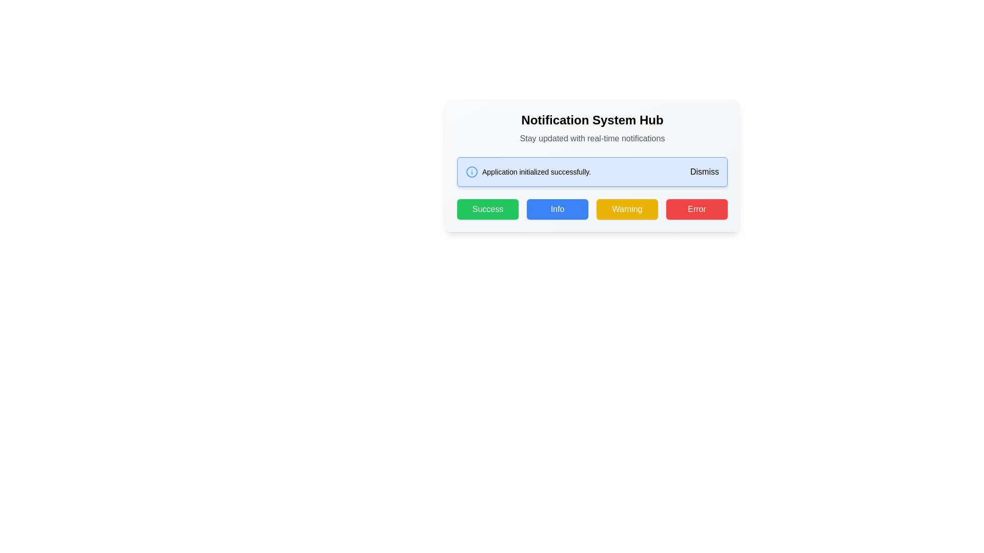  What do you see at coordinates (536, 171) in the screenshot?
I see `the notification message text label indicating successful initialization, which is located centrally within the notification card on the user interface` at bounding box center [536, 171].